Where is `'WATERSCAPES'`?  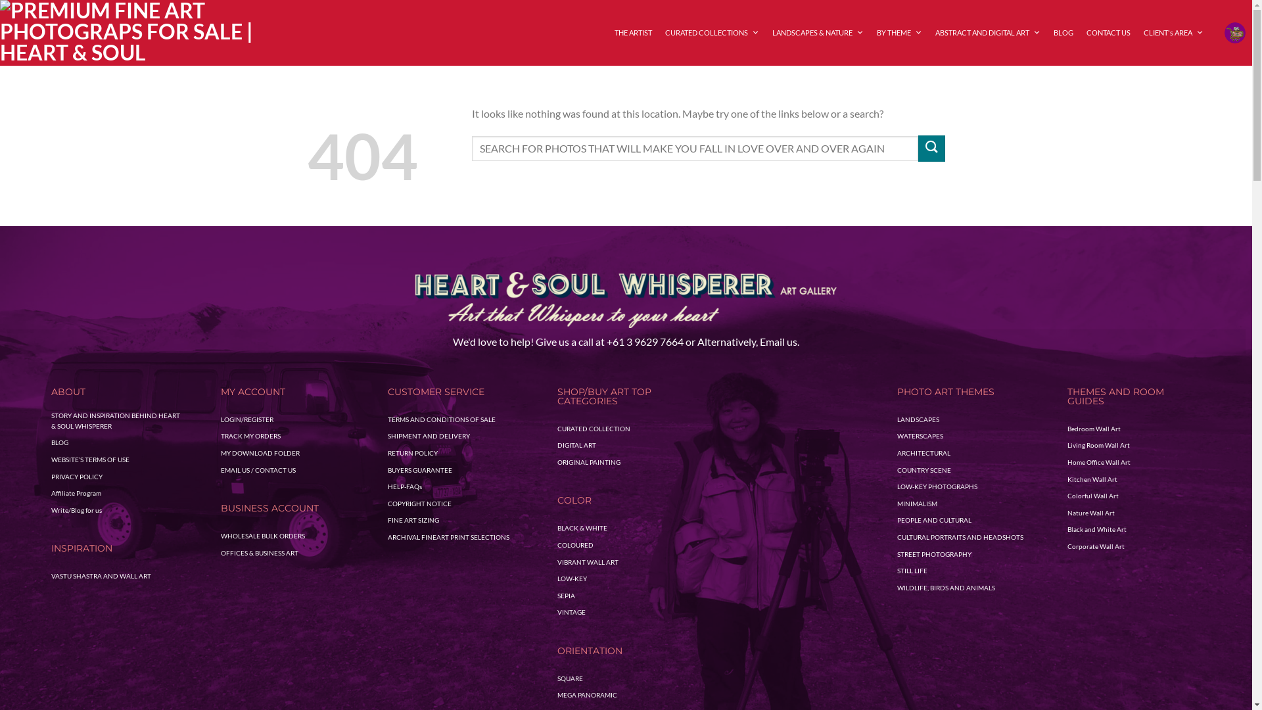 'WATERSCAPES' is located at coordinates (920, 436).